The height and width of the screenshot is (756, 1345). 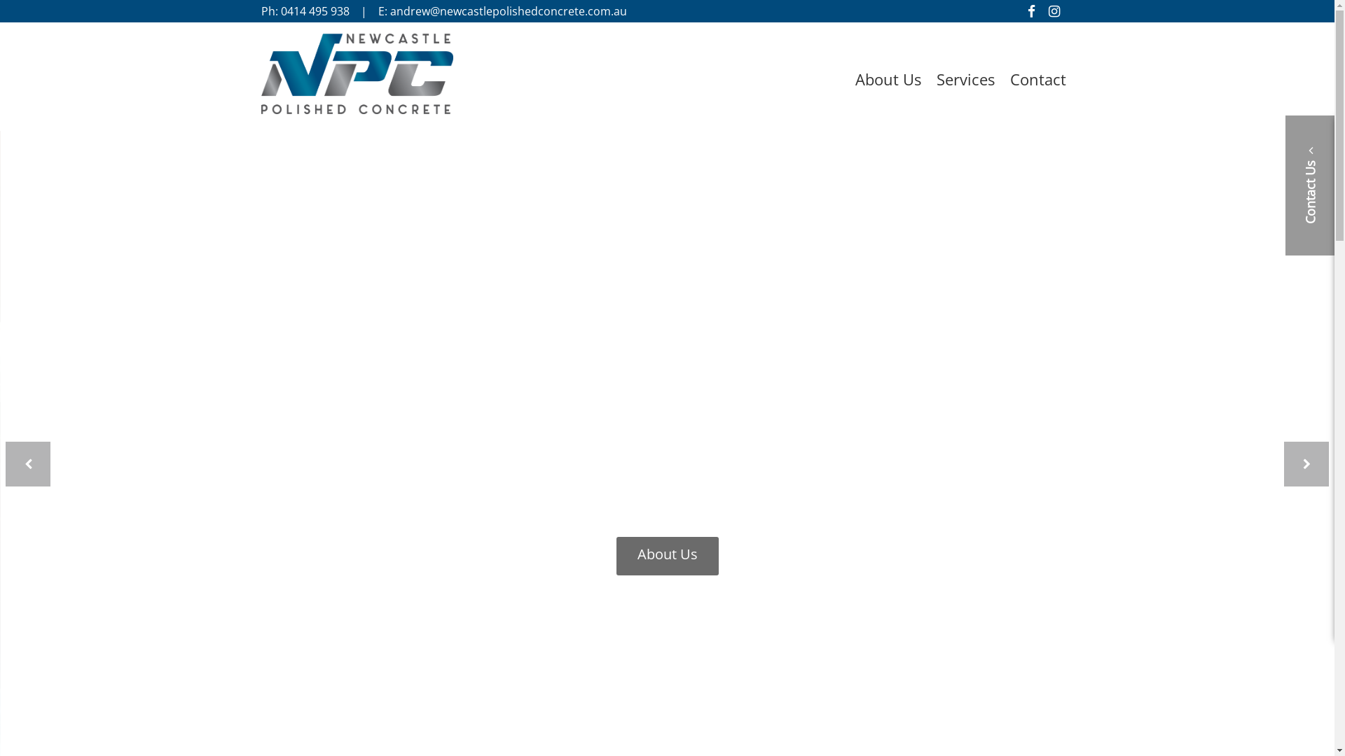 I want to click on 'Like us on Facebook', so click(x=1031, y=10).